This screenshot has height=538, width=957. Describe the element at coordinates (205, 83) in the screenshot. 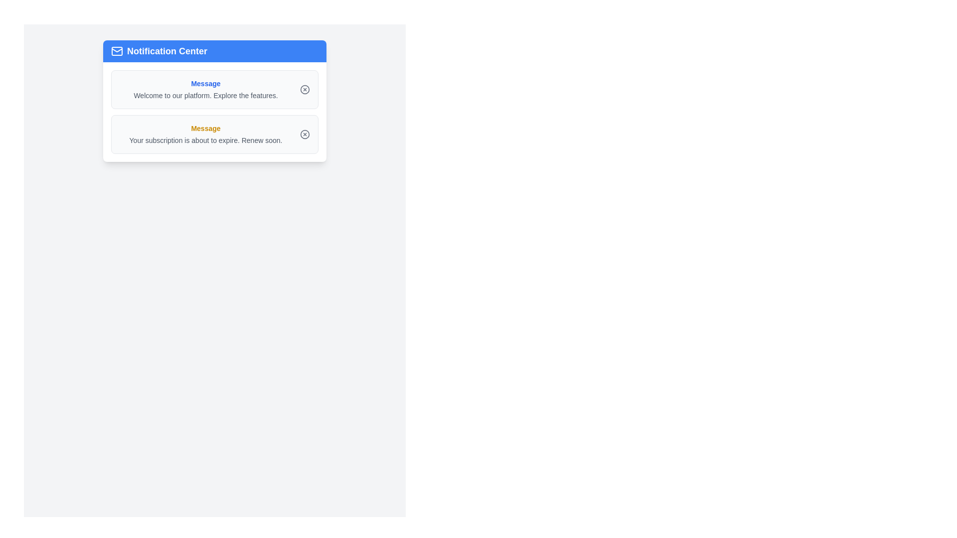

I see `the bold blue text label displaying 'Message' at the top of the notification box` at that location.